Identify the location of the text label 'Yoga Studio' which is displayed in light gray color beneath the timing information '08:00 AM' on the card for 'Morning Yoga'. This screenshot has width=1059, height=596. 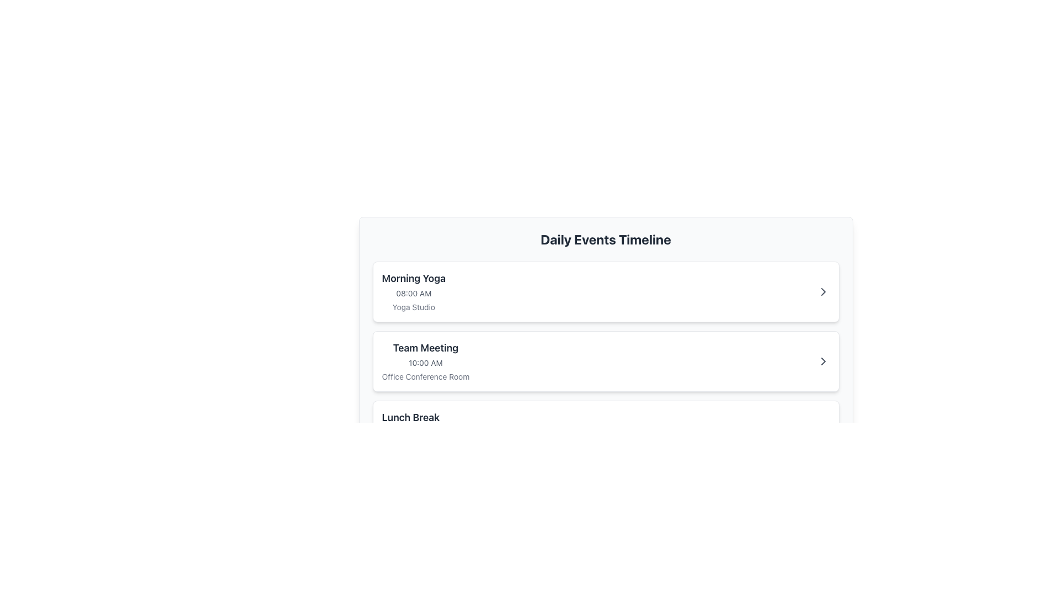
(413, 307).